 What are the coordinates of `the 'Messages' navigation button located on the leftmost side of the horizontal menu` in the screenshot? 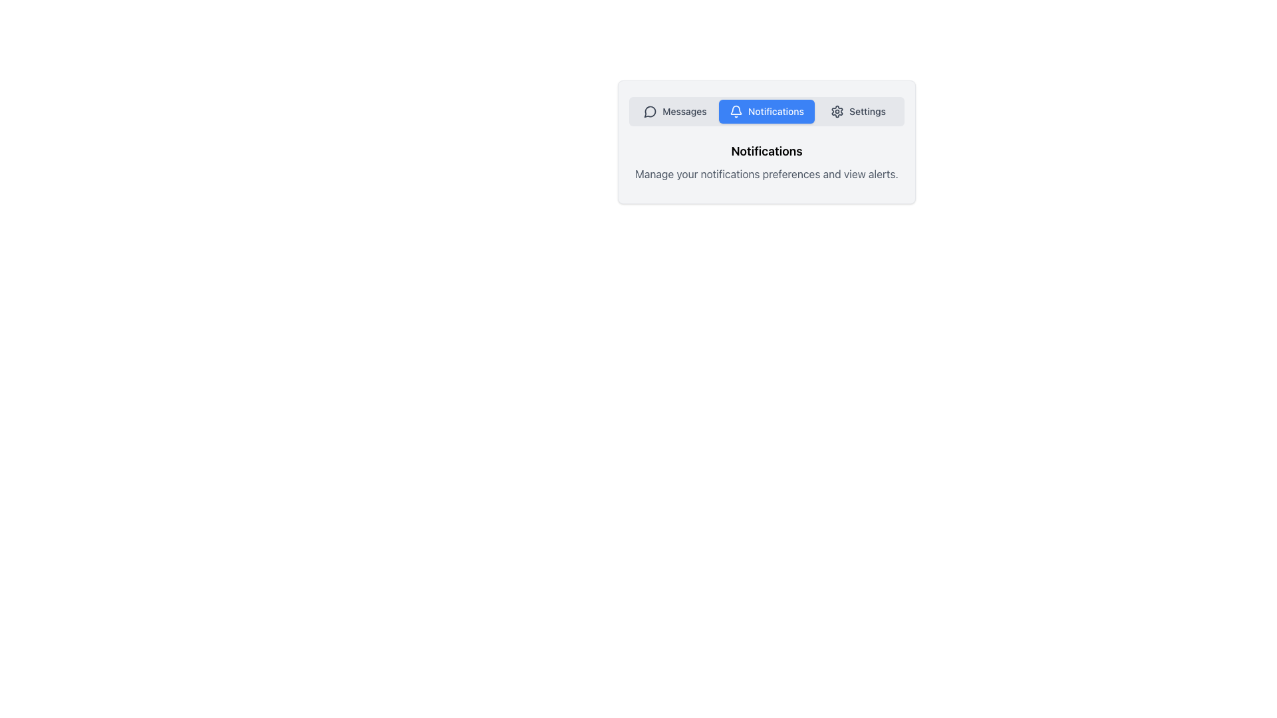 It's located at (675, 111).